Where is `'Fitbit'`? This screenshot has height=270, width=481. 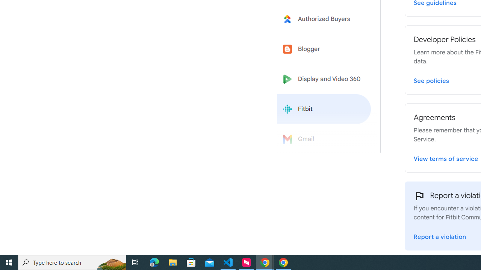
'Fitbit' is located at coordinates (324, 109).